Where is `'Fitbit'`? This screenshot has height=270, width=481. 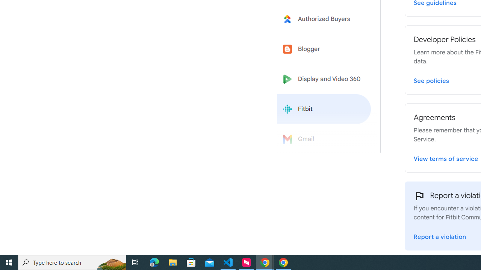
'Fitbit' is located at coordinates (324, 109).